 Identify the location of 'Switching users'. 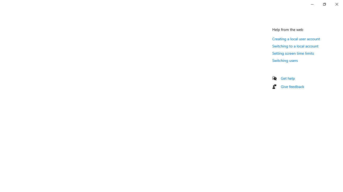
(285, 60).